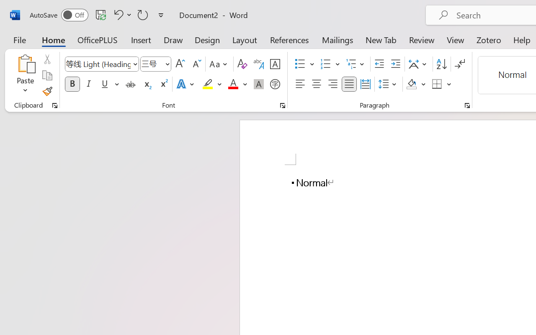  Describe the element at coordinates (54, 105) in the screenshot. I see `'Office Clipboard...'` at that location.